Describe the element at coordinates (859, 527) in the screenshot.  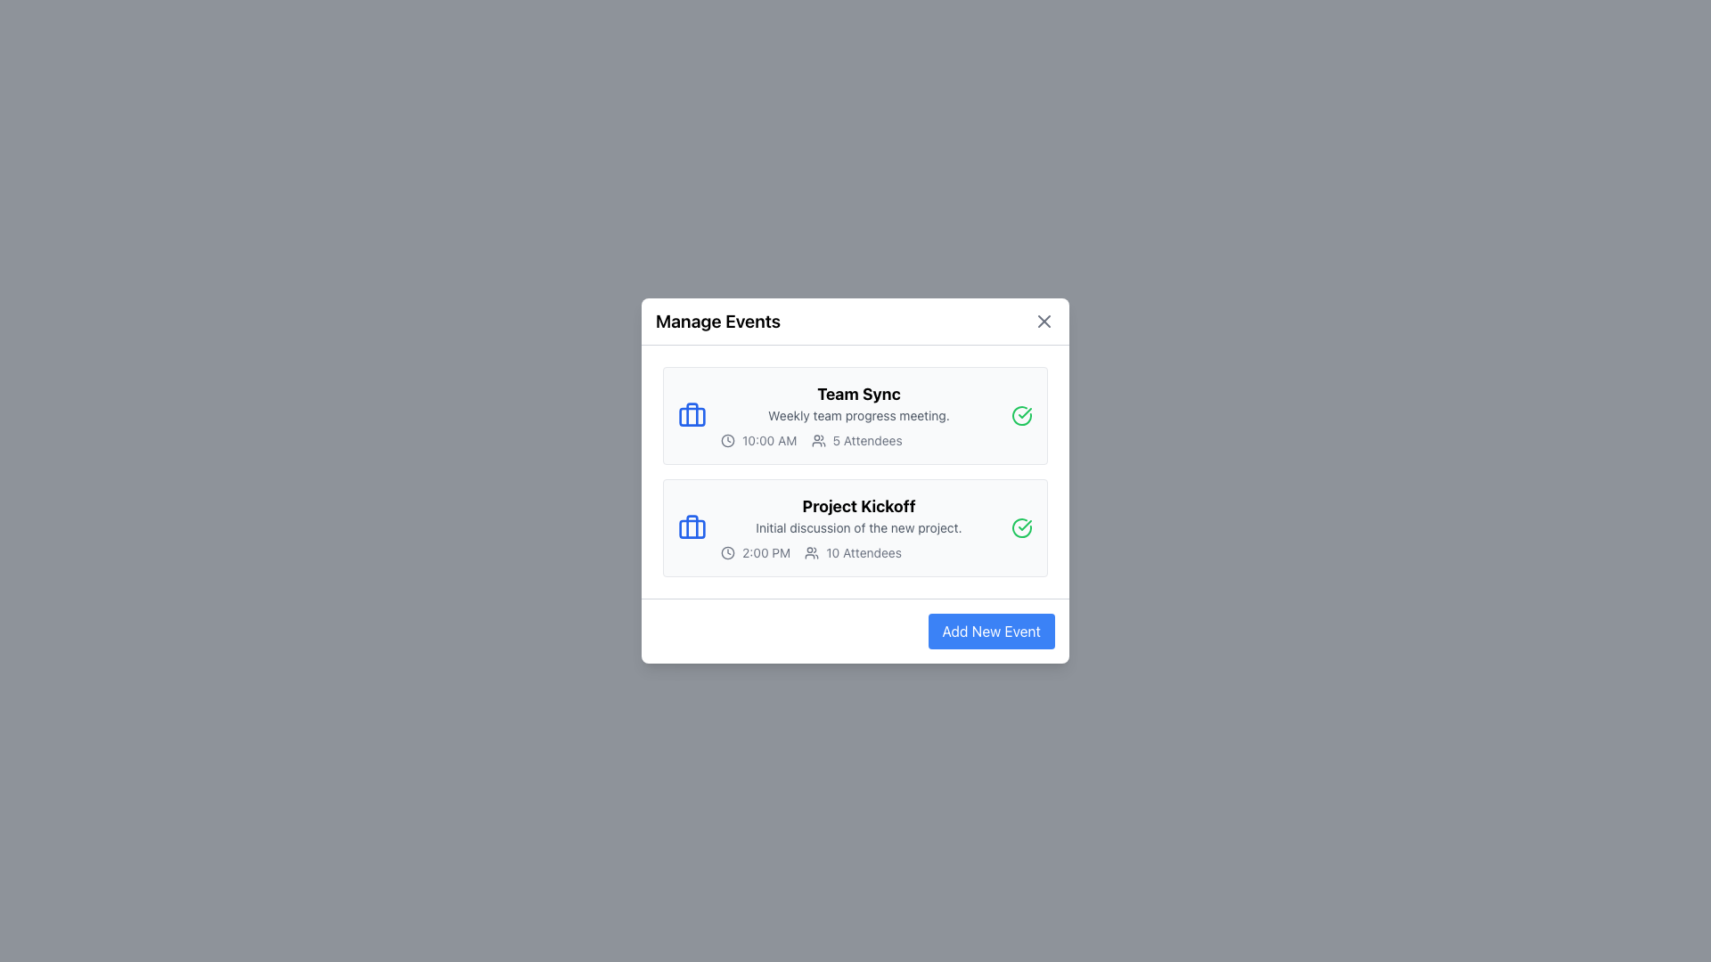
I see `the text label providing a brief description for the 'Project Kickoff' event, located within the second card of the 'Manage Events' dialog` at that location.